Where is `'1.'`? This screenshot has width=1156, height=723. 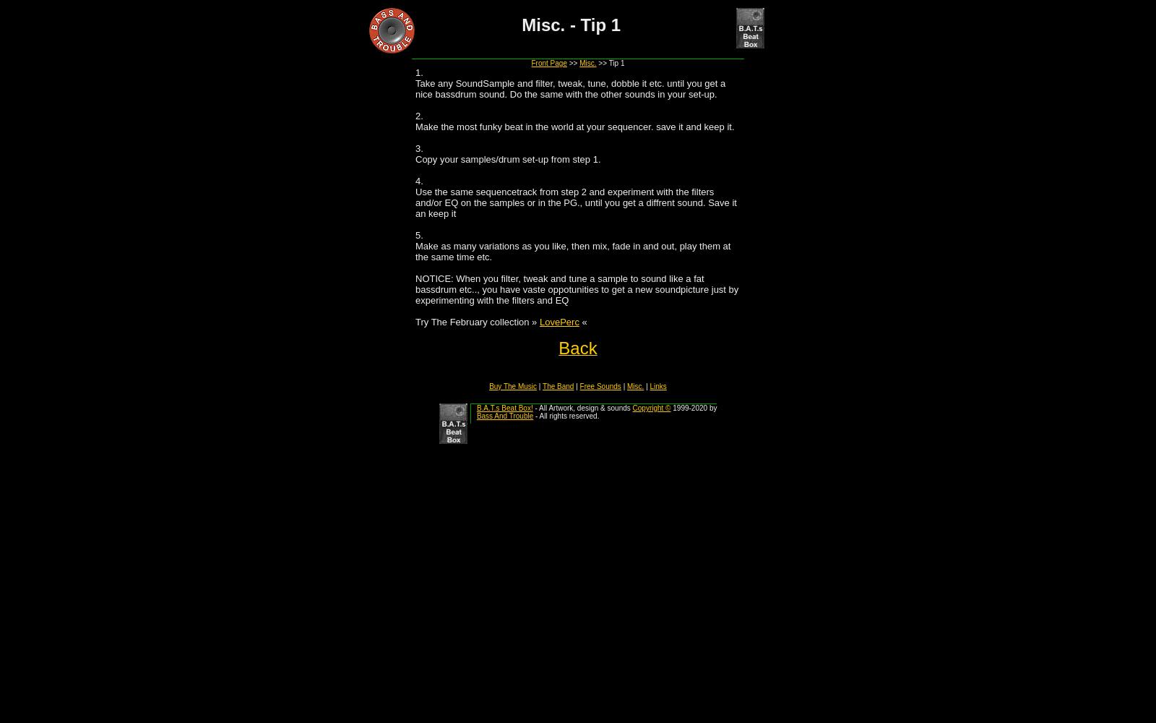 '1.' is located at coordinates (418, 72).